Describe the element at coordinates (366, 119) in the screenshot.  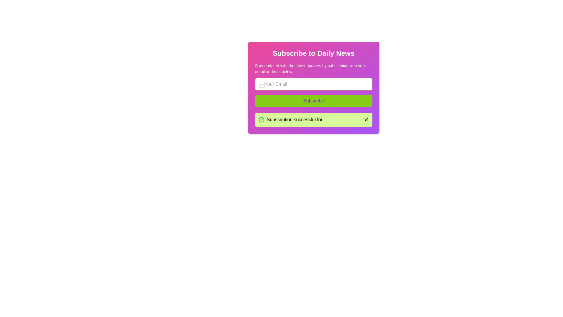
I see `the close button located at the rightmost side of the notification box` at that location.